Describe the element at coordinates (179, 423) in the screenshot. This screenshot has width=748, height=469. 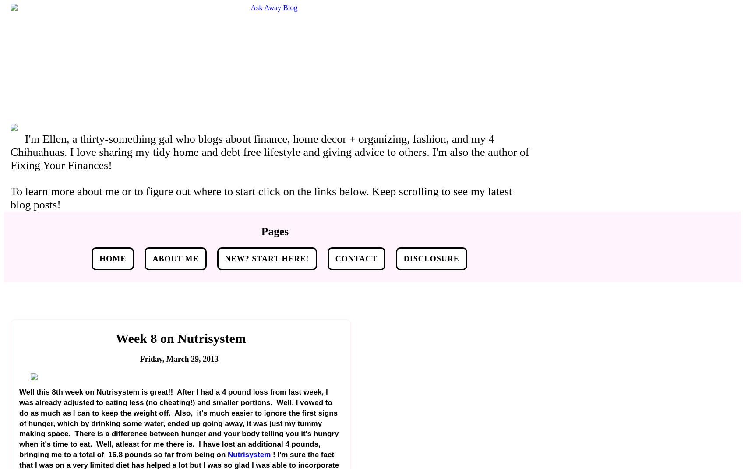
I see `'Well this 8th week on Nutrisystem is great!!  After I had a 4 pound loss from last week, I was already adjusted to eating less (no cheating!) and smaller portions.  Well, I vowed to do as much as I can to keep the weight off.  Also,  it's much easier to ignore the first signs of hunger, which by drinking some water, ended up going away, it was just my tummy making space.  There is a difference between hunger and your body telling you it's hungry when it's time to eat.  Well, atleast for me there is.  I have lost an additional 4 pounds, bringing me to a total of  16.8 pounds so far from being on'` at that location.